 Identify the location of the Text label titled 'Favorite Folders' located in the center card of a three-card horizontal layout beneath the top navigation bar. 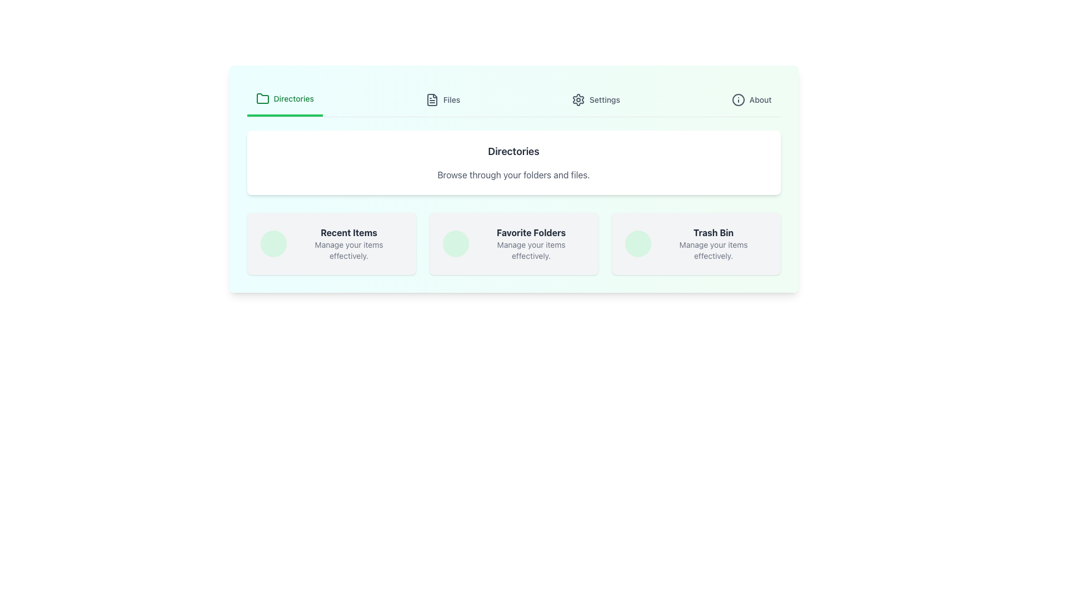
(530, 243).